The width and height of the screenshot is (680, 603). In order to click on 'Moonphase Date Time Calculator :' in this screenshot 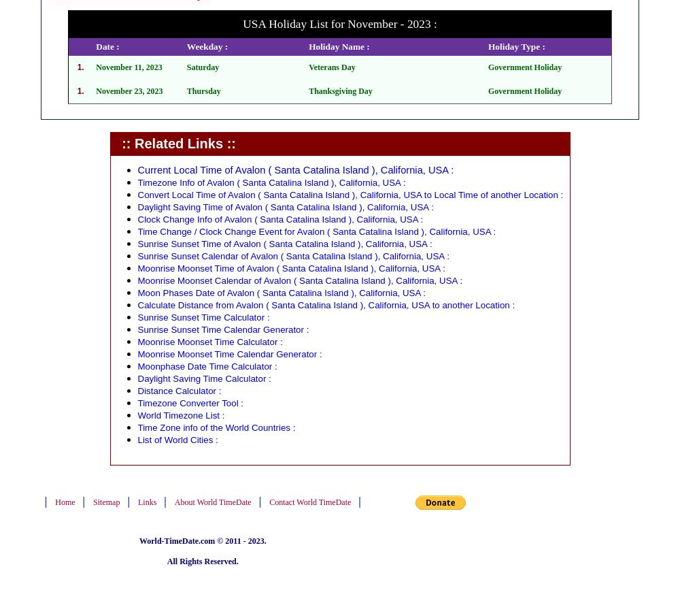, I will do `click(207, 366)`.